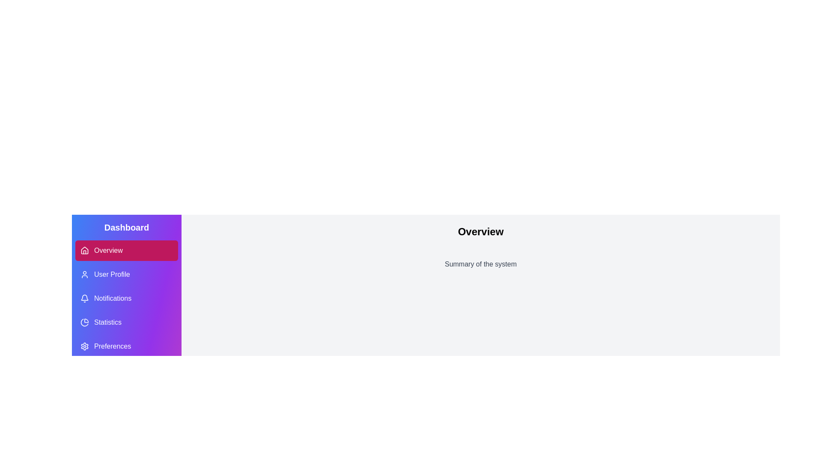 The width and height of the screenshot is (822, 462). I want to click on the text label that displays 'Summary of the system', which is located below the 'Overview' text and spans horizontally across most of the central section of the interface, so click(481, 264).